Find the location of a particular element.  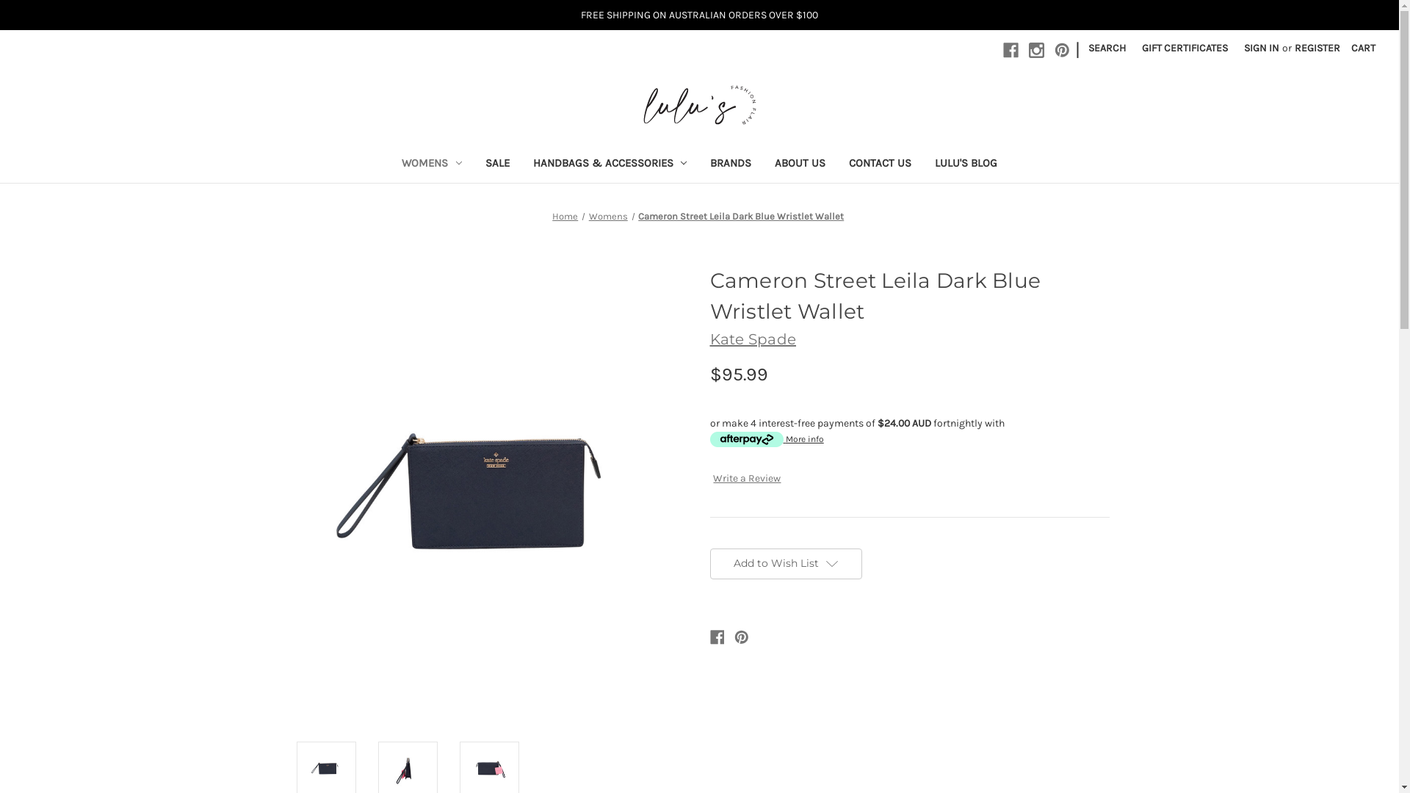

'BRANDS' is located at coordinates (730, 164).